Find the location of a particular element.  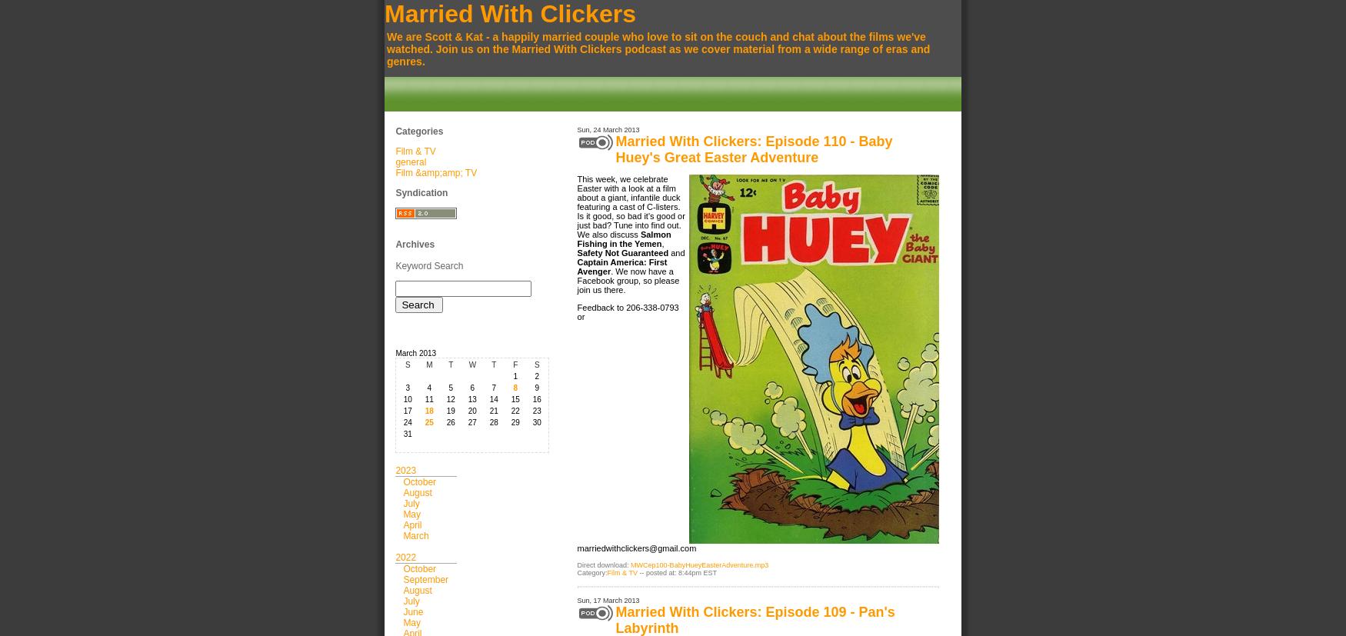

'12' is located at coordinates (450, 398).